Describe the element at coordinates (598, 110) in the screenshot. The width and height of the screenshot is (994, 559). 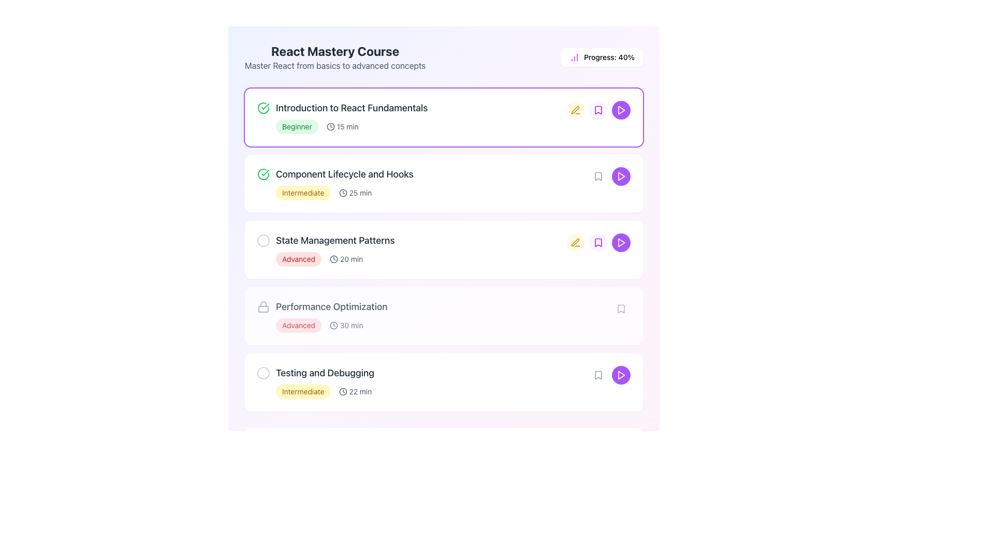
I see `the bookmark button for the course 'Introduction to React Fundamentals'` at that location.